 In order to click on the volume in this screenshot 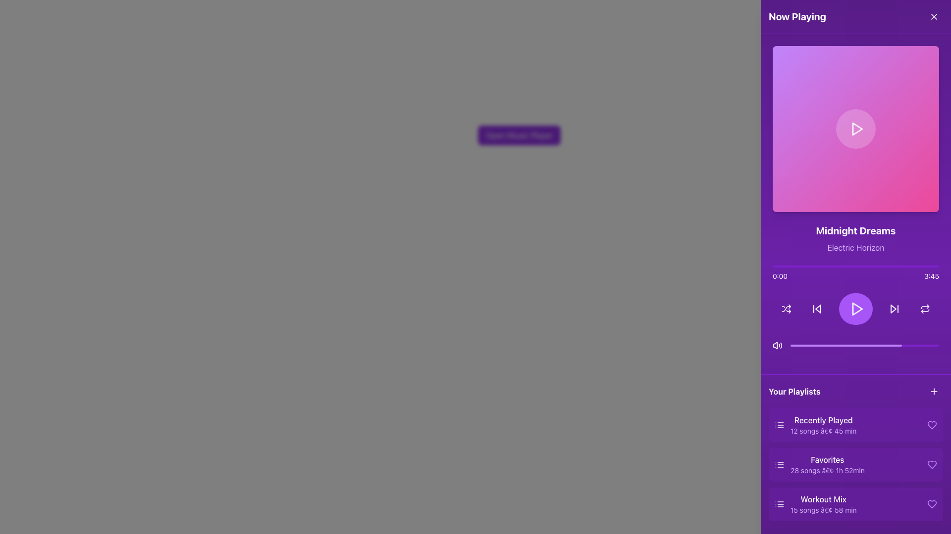, I will do `click(924, 345)`.